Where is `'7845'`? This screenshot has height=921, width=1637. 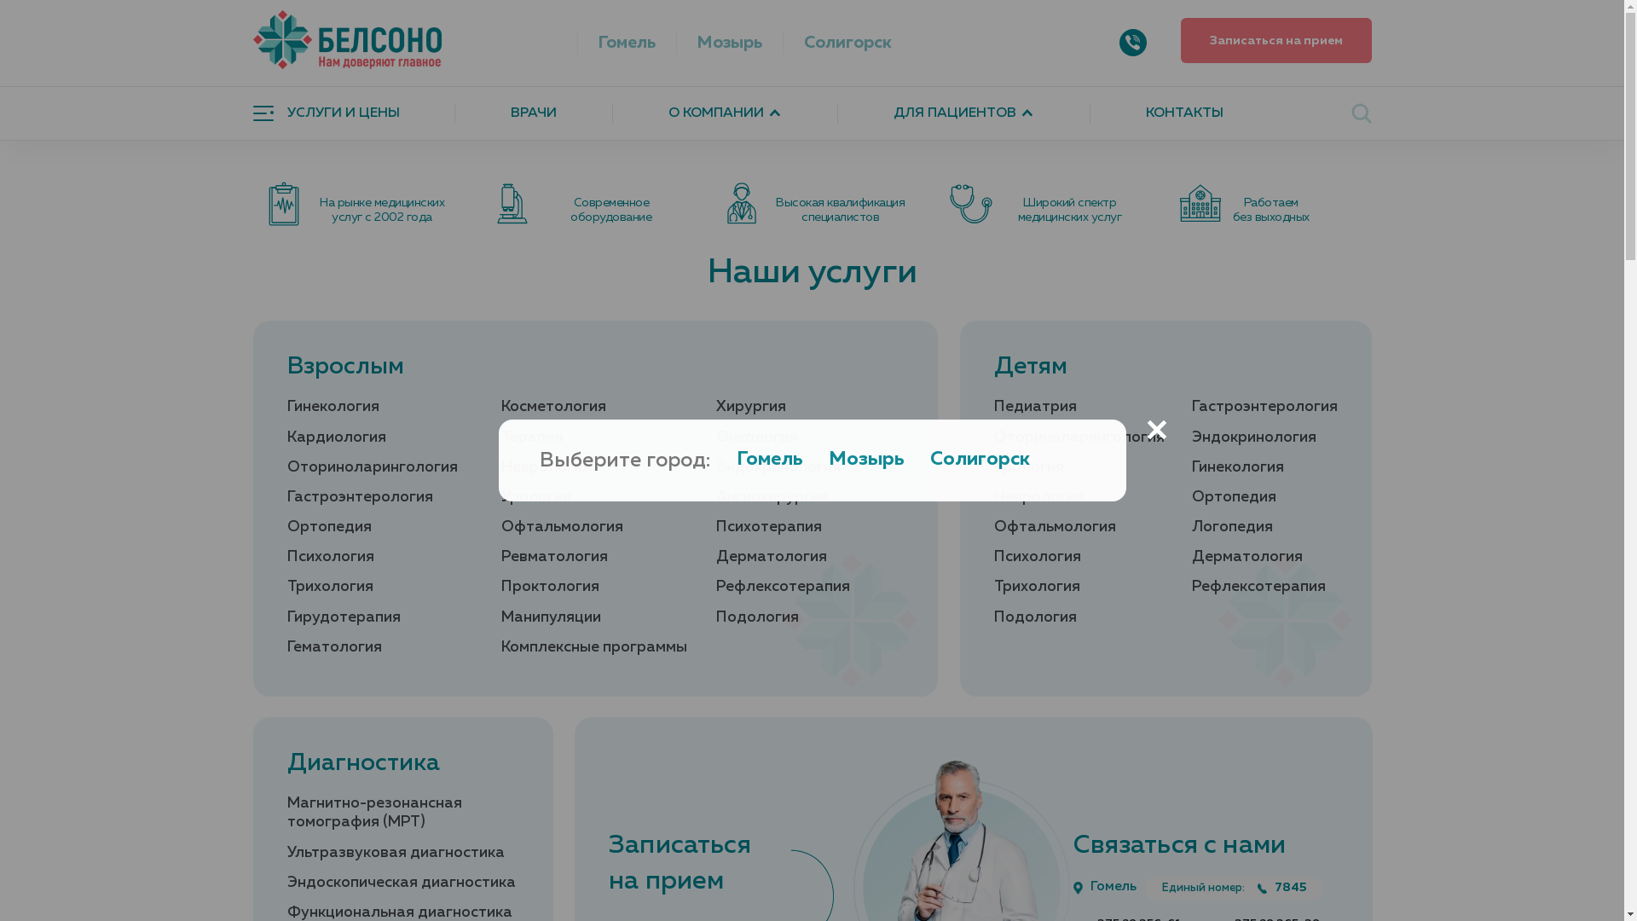 '7845' is located at coordinates (1281, 887).